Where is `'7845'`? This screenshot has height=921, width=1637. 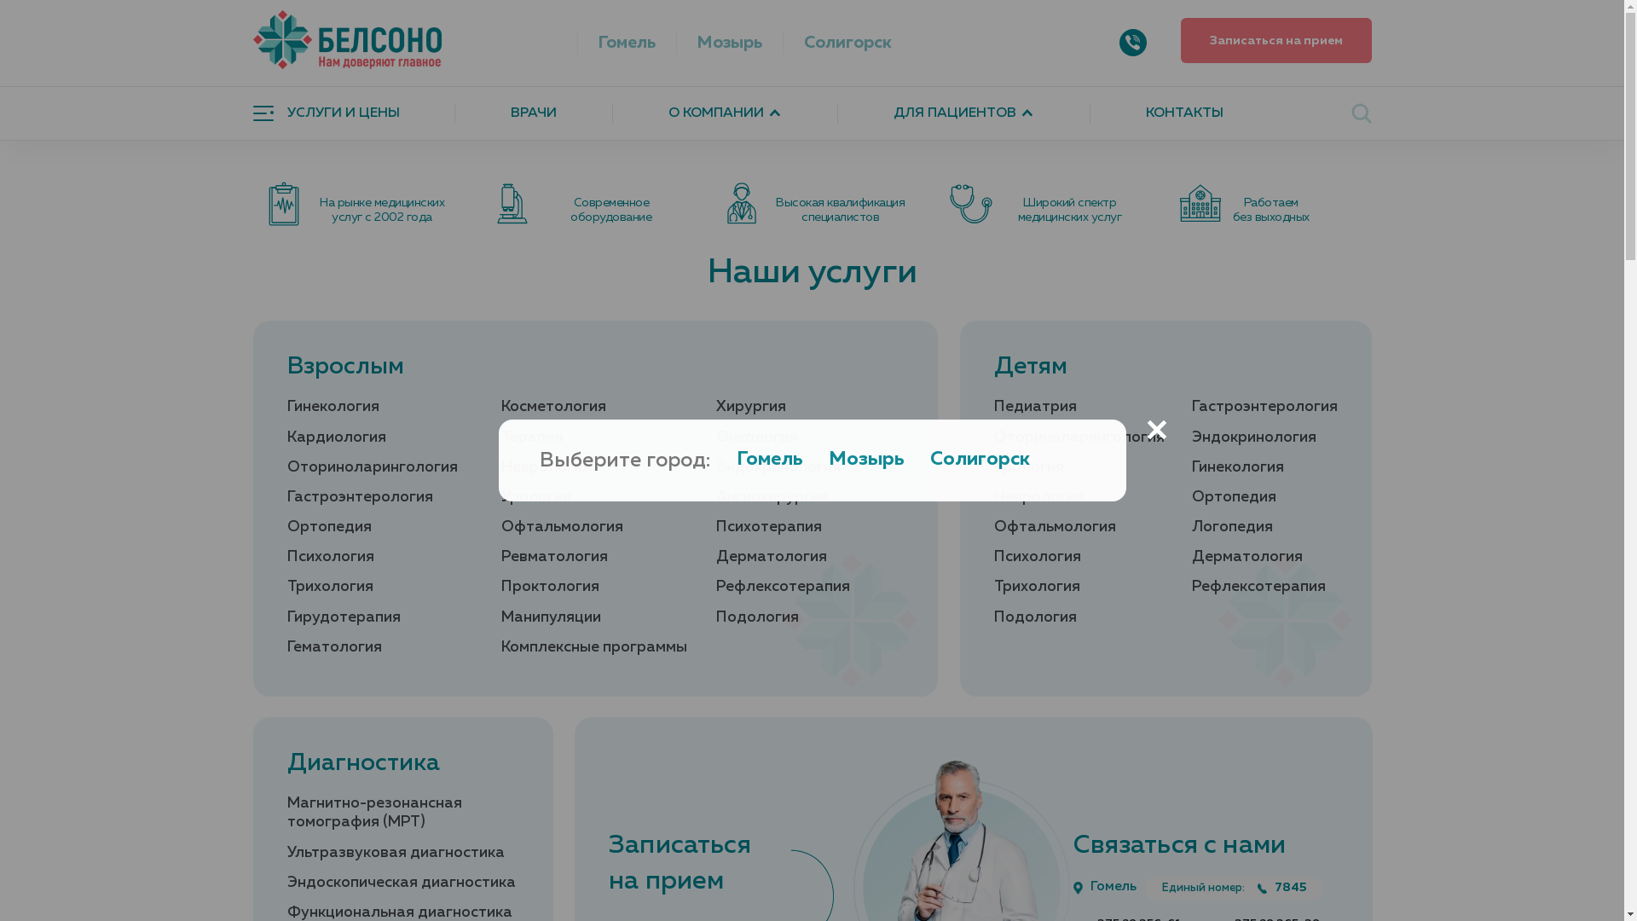 '7845' is located at coordinates (1281, 887).